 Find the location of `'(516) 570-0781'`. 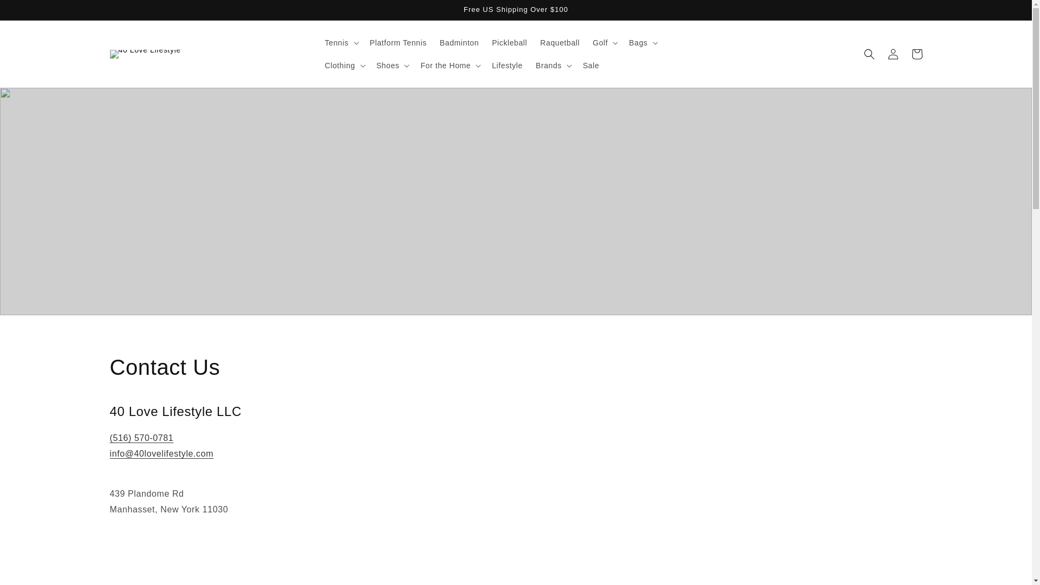

'(516) 570-0781' is located at coordinates (140, 437).